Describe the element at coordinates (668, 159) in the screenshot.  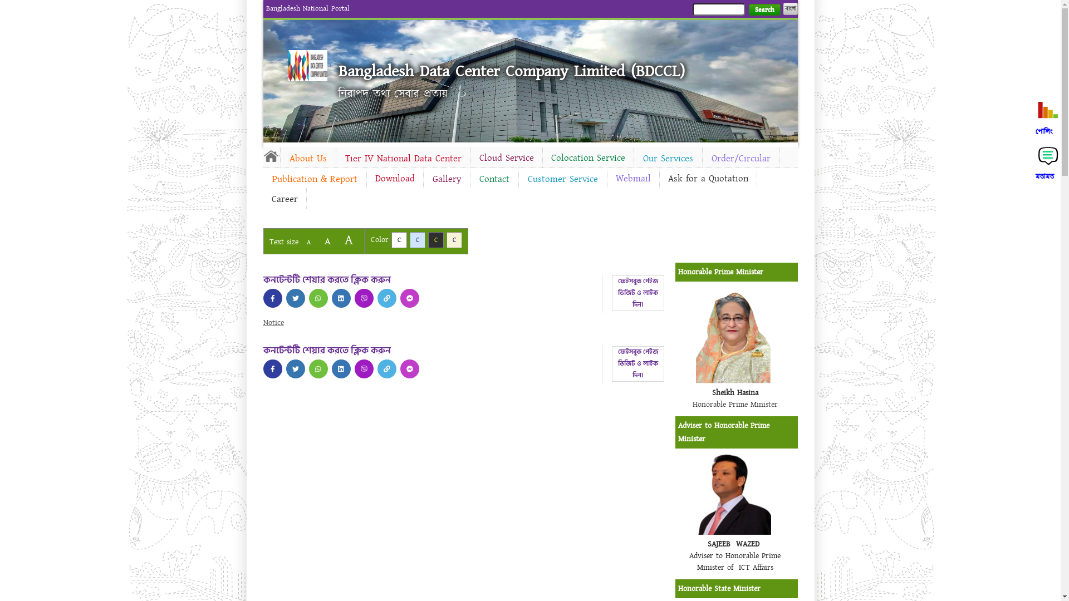
I see `'Our Services'` at that location.